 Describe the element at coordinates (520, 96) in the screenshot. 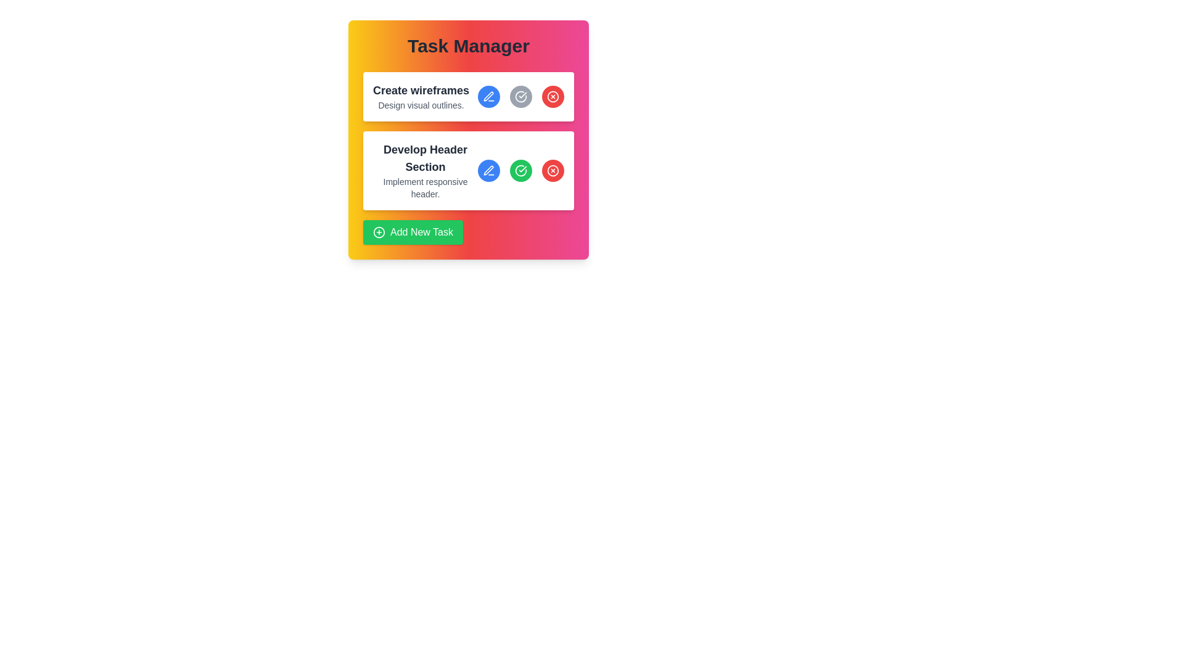

I see `the button used to mark or approve the task 'Create wireframes' as completed, located in the rightmost position of a group of three buttons` at that location.